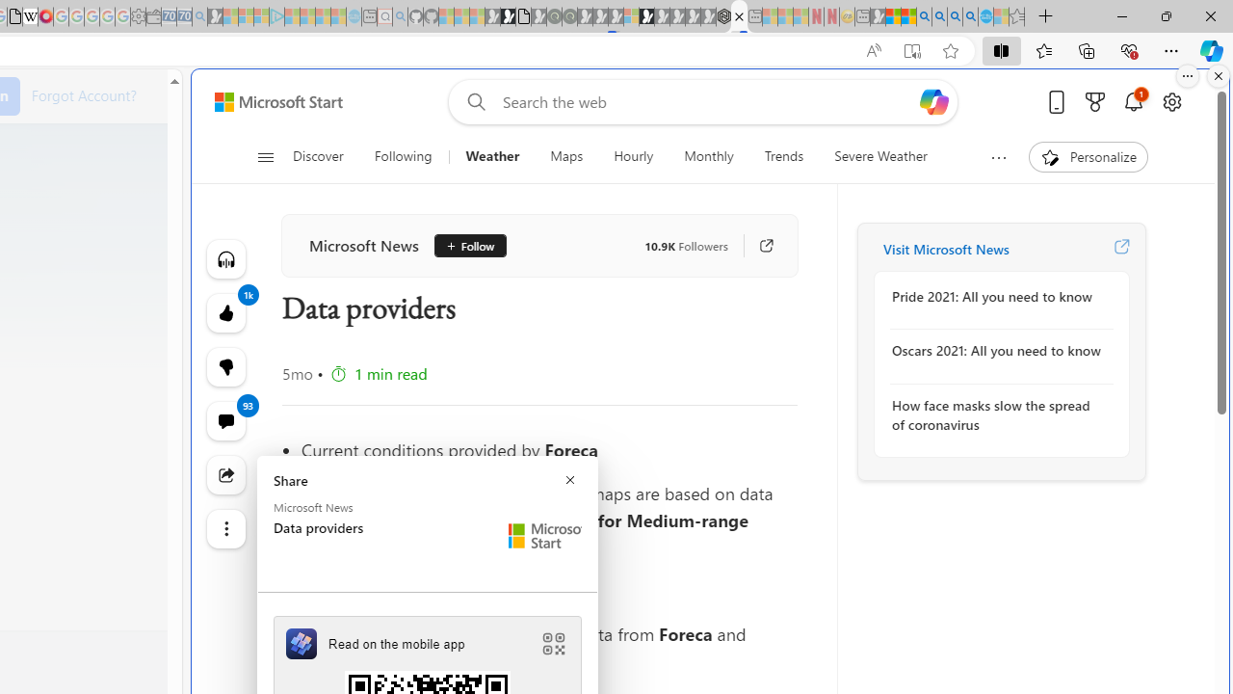  What do you see at coordinates (400, 16) in the screenshot?
I see `'github - Search - Sleeping'` at bounding box center [400, 16].